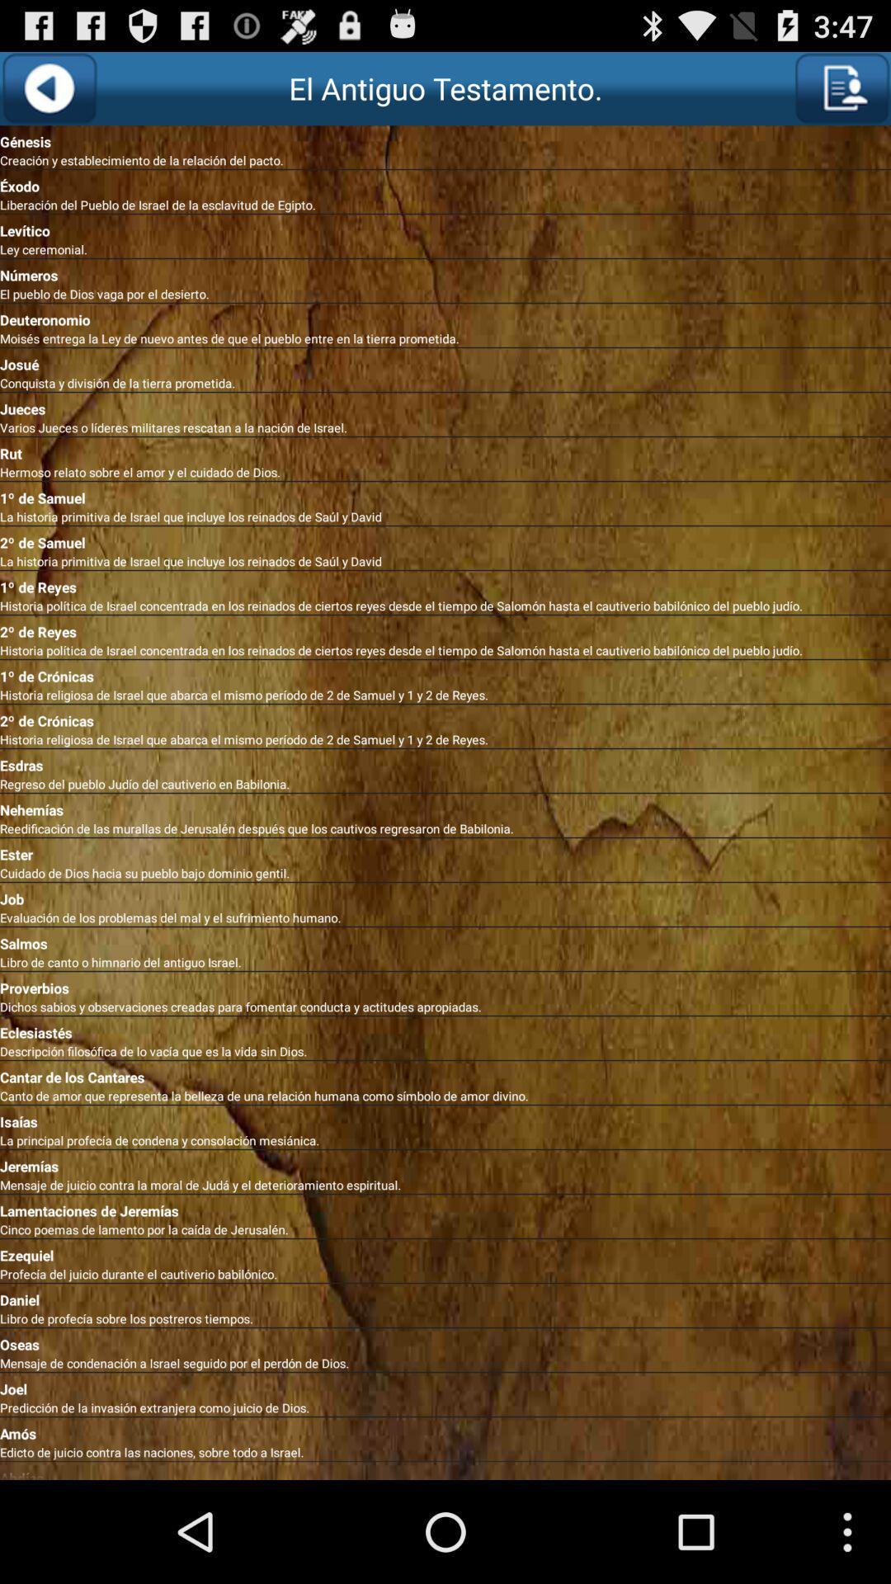  Describe the element at coordinates (445, 248) in the screenshot. I see `ley ceremonial. app` at that location.